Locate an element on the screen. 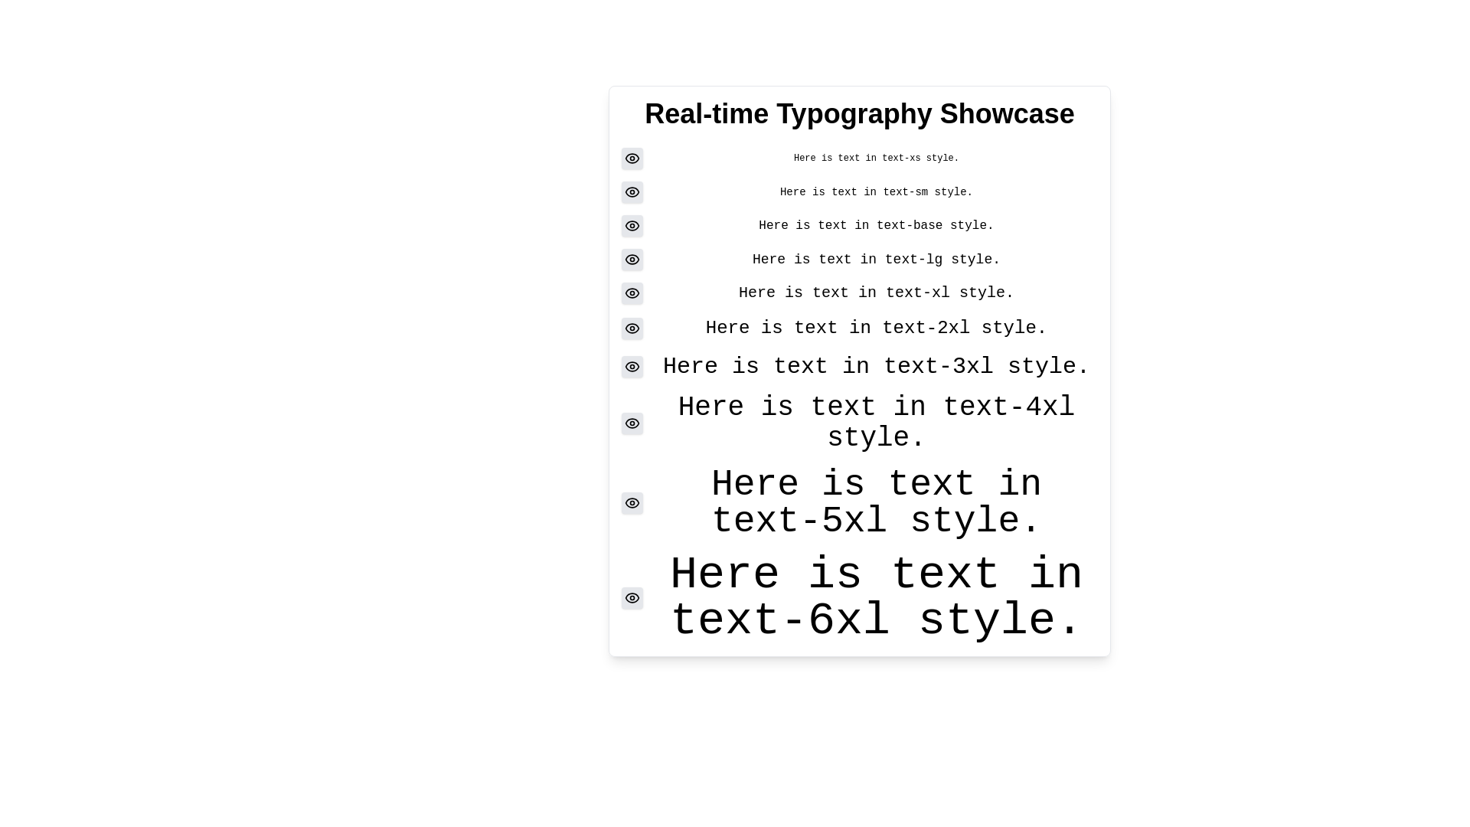 The height and width of the screenshot is (827, 1470). the eye-shaped toggle button located on the left side of the layout is located at coordinates (632, 259).